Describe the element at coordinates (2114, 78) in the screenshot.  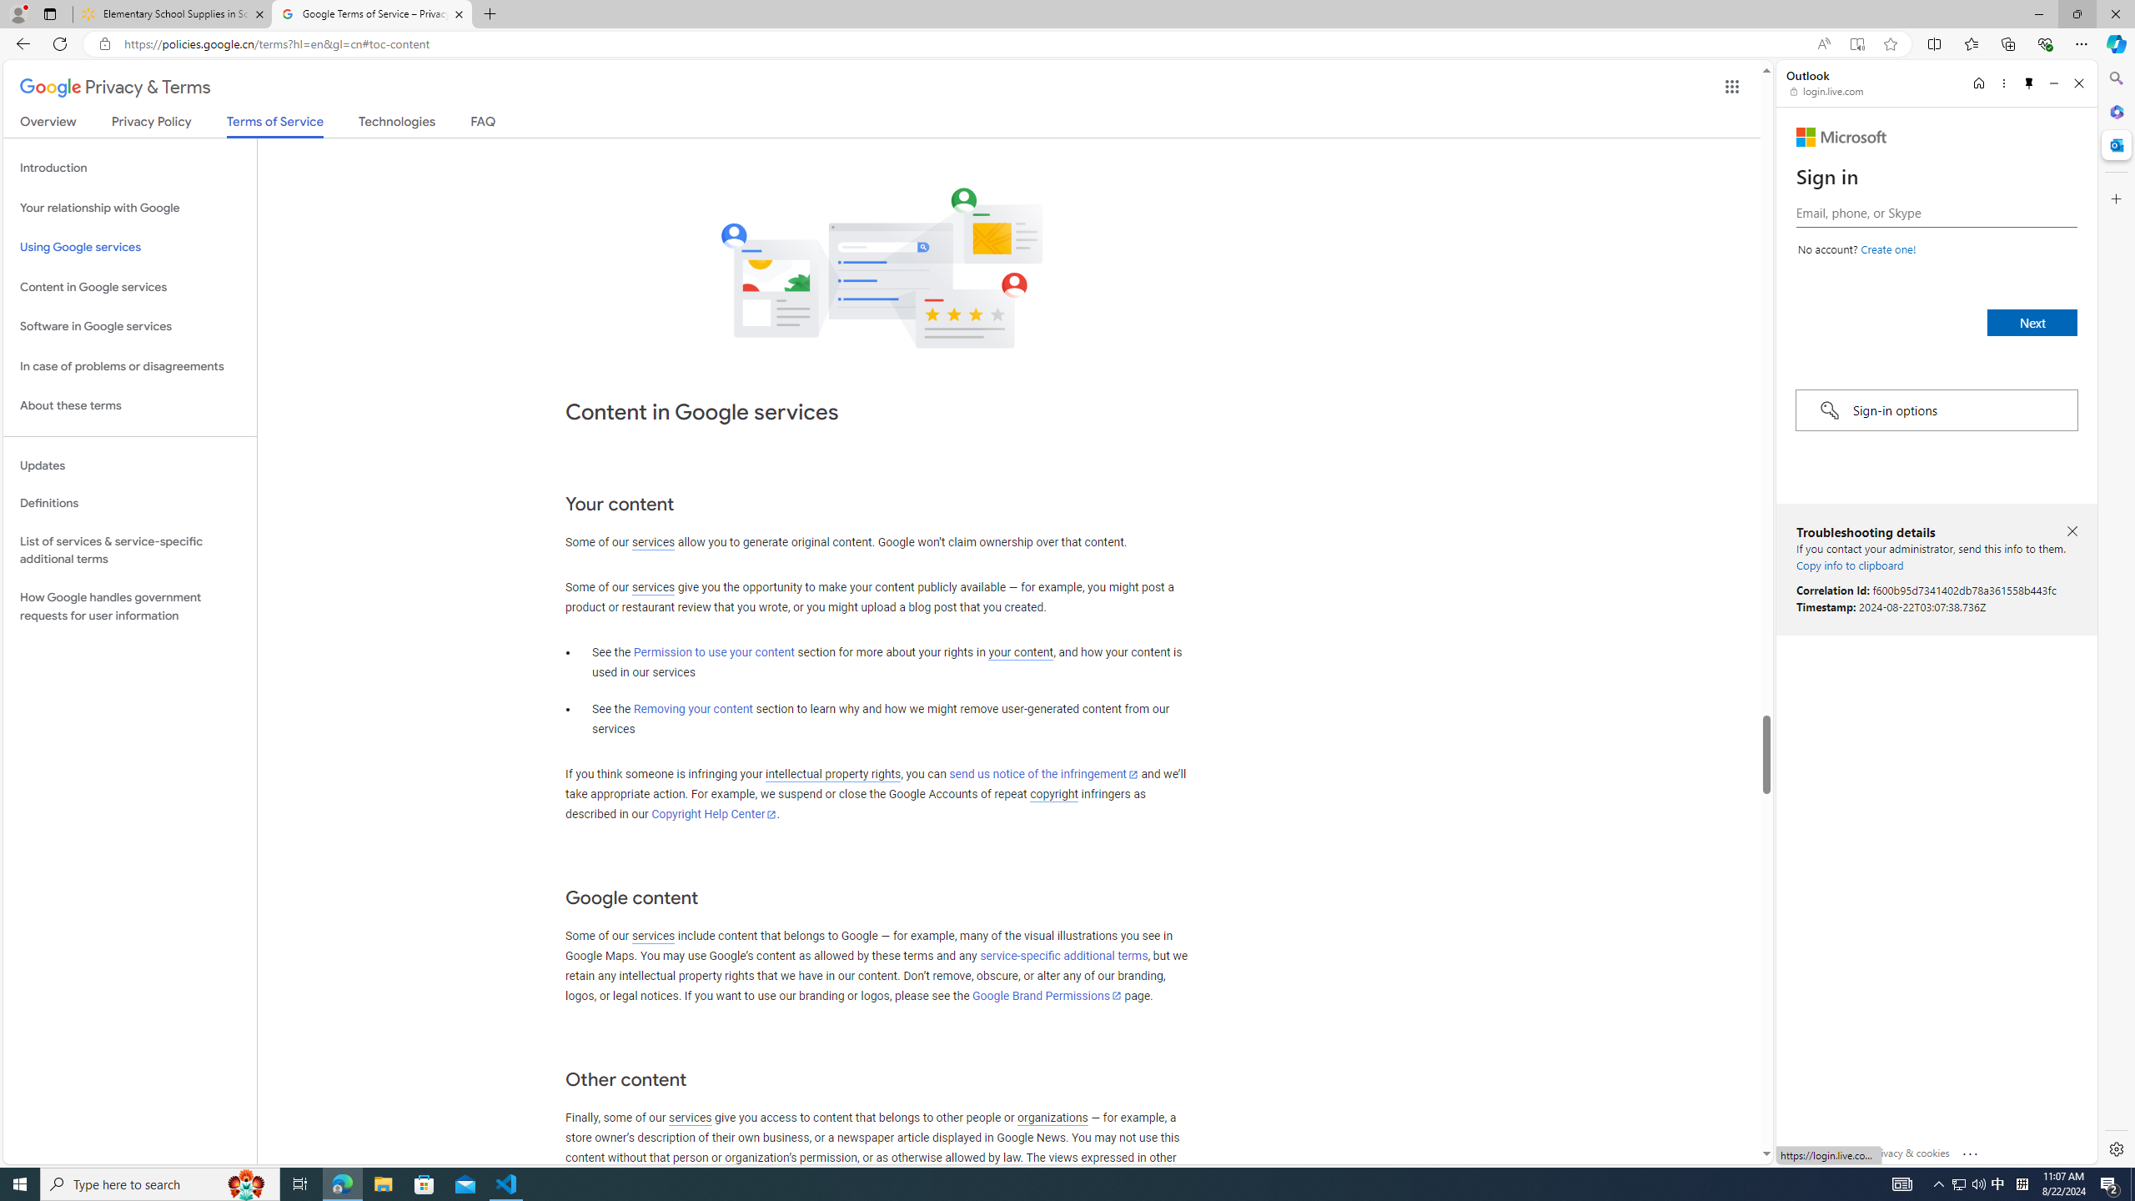
I see `'Close Search pane'` at that location.